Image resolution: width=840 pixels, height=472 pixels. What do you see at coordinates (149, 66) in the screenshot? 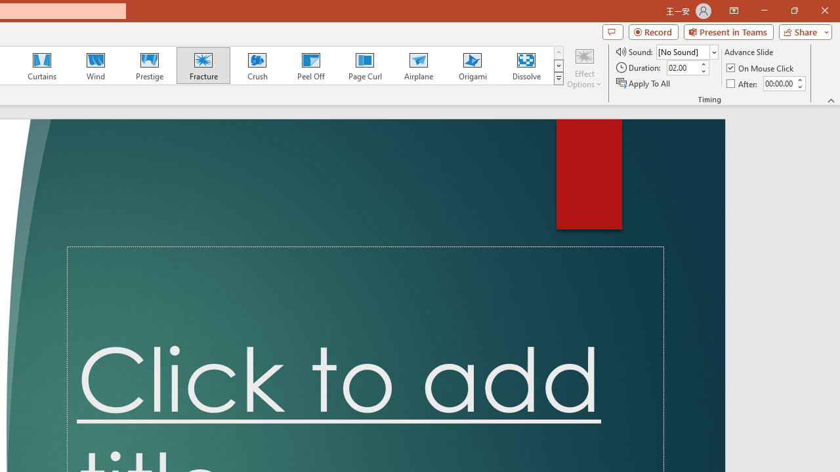
I see `'Prestige'` at bounding box center [149, 66].